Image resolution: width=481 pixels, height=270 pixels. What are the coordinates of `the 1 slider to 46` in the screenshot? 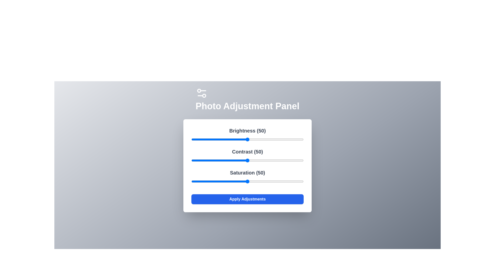 It's located at (243, 160).